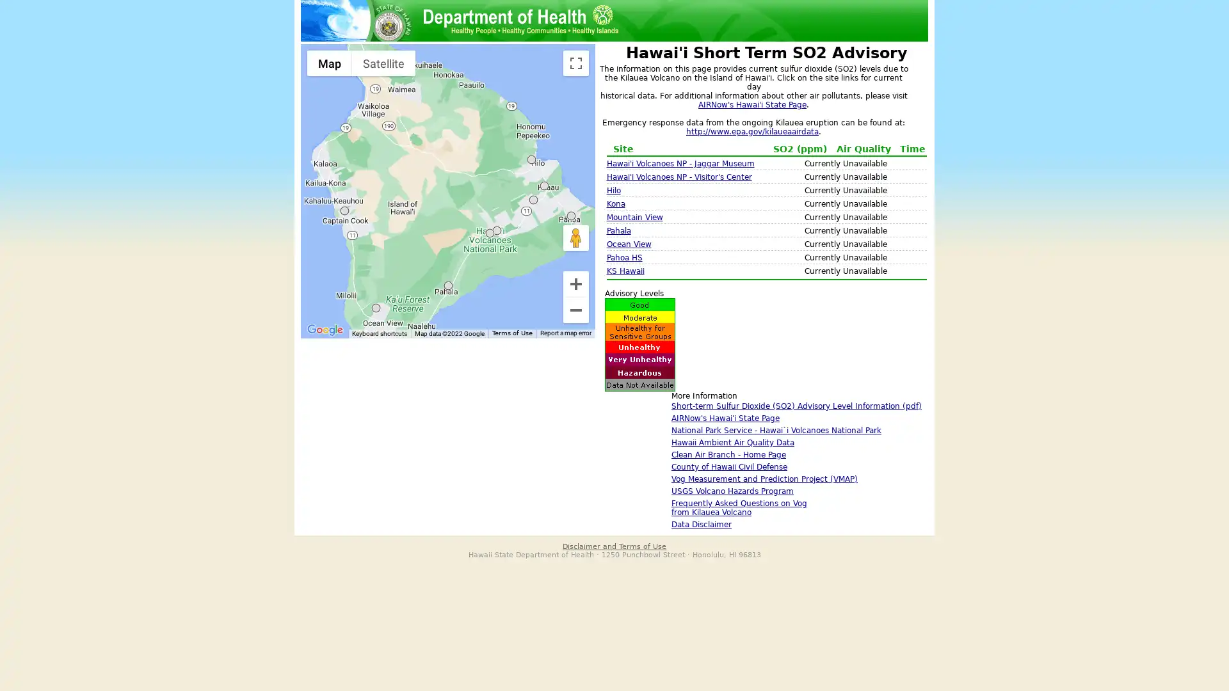 This screenshot has width=1229, height=691. What do you see at coordinates (575, 283) in the screenshot?
I see `Zoom in` at bounding box center [575, 283].